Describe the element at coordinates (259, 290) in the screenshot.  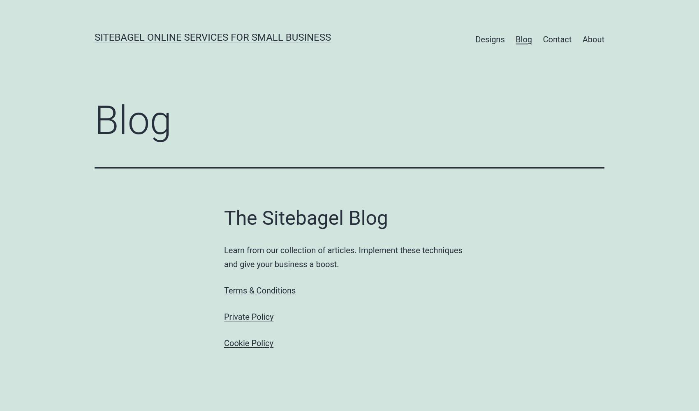
I see `'Terms & Conditions'` at that location.